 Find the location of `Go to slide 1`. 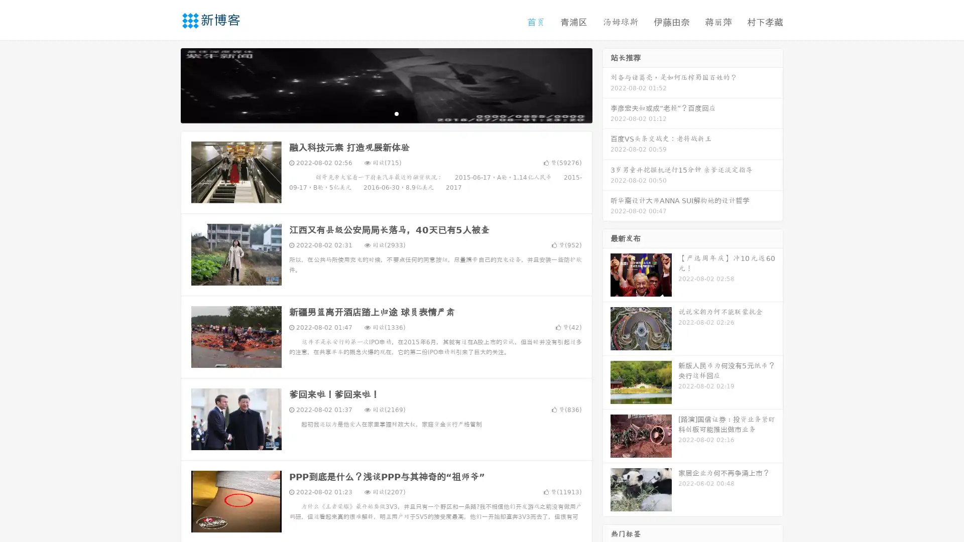

Go to slide 1 is located at coordinates (376, 113).